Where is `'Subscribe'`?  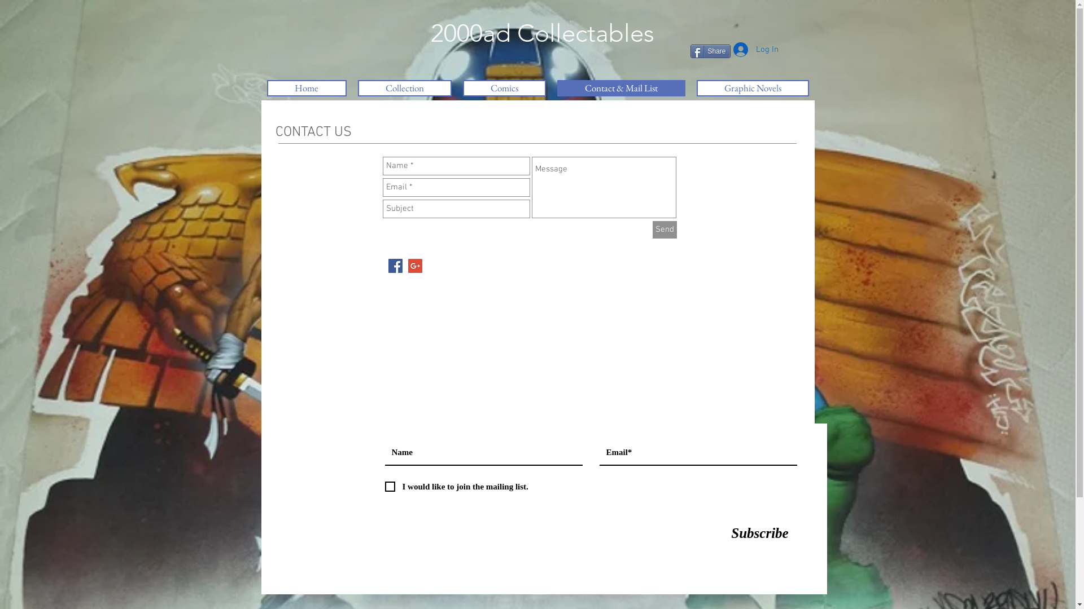 'Subscribe' is located at coordinates (760, 533).